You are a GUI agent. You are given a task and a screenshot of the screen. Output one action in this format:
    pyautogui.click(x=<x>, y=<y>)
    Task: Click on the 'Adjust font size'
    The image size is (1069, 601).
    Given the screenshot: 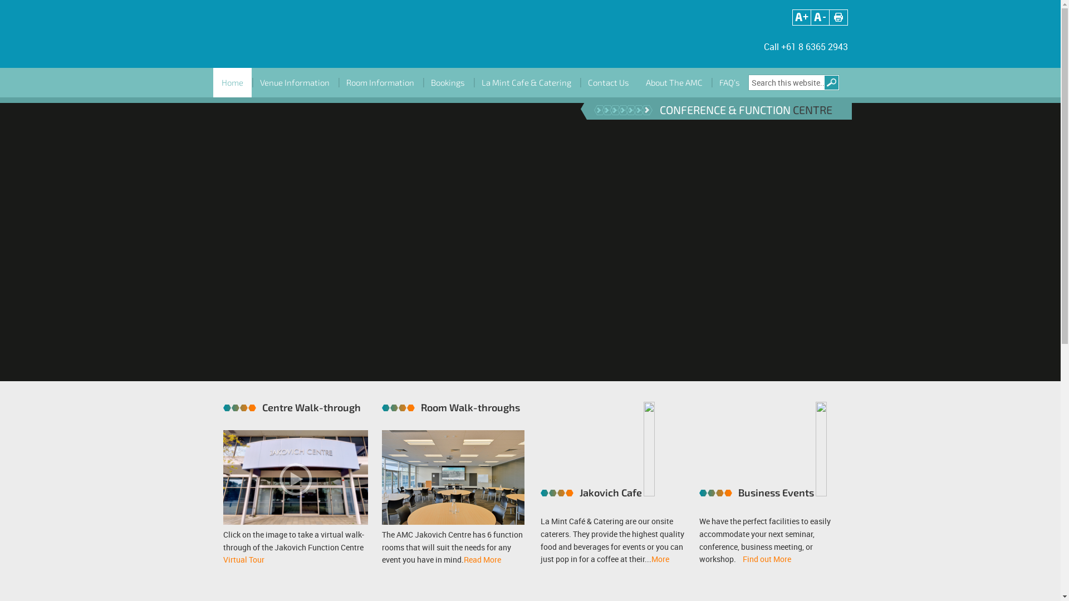 What is the action you would take?
    pyautogui.click(x=820, y=17)
    